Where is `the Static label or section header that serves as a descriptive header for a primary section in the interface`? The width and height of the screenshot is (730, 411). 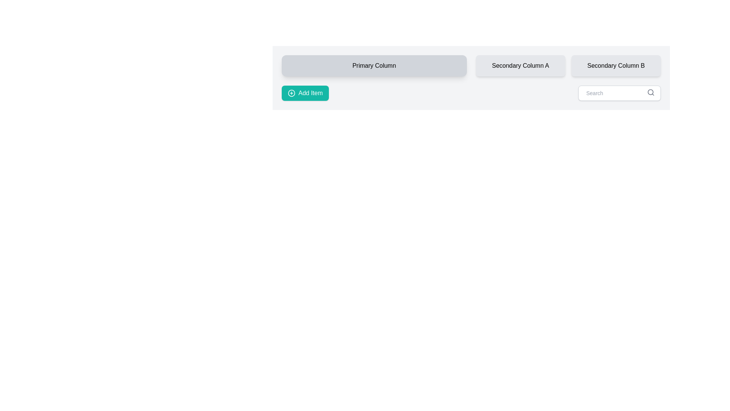 the Static label or section header that serves as a descriptive header for a primary section in the interface is located at coordinates (374, 65).